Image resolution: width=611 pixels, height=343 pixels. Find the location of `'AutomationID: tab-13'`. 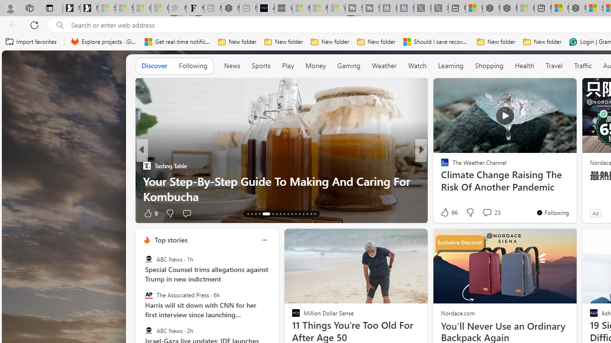

'AutomationID: tab-13' is located at coordinates (248, 213).